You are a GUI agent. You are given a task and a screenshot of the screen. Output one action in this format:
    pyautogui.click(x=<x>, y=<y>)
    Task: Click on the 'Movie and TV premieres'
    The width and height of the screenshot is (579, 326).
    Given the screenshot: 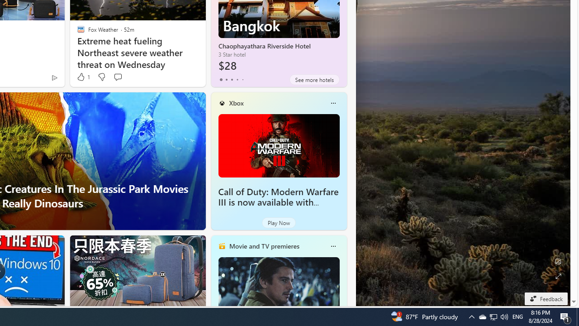 What is the action you would take?
    pyautogui.click(x=263, y=246)
    